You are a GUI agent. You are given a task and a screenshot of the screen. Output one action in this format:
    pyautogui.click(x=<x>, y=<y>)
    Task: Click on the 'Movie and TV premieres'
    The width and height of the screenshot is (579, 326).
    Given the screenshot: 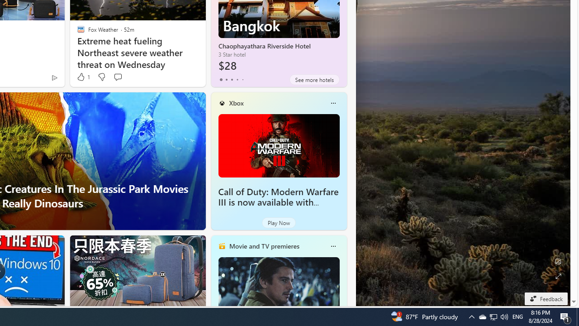 What is the action you would take?
    pyautogui.click(x=263, y=246)
    